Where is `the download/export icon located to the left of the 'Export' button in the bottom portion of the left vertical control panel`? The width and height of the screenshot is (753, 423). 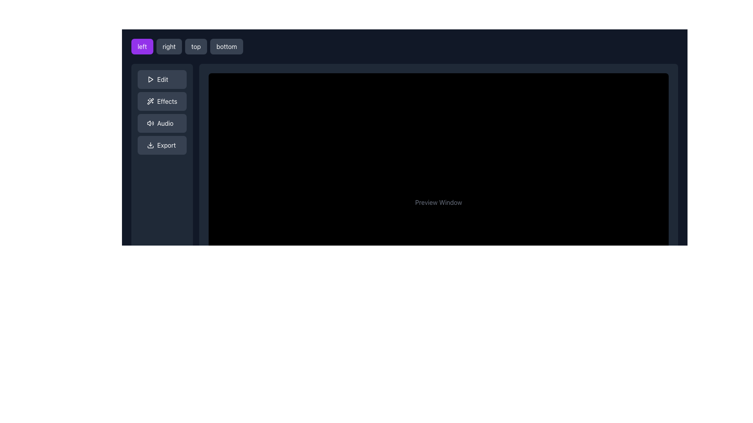
the download/export icon located to the left of the 'Export' button in the bottom portion of the left vertical control panel is located at coordinates (151, 145).